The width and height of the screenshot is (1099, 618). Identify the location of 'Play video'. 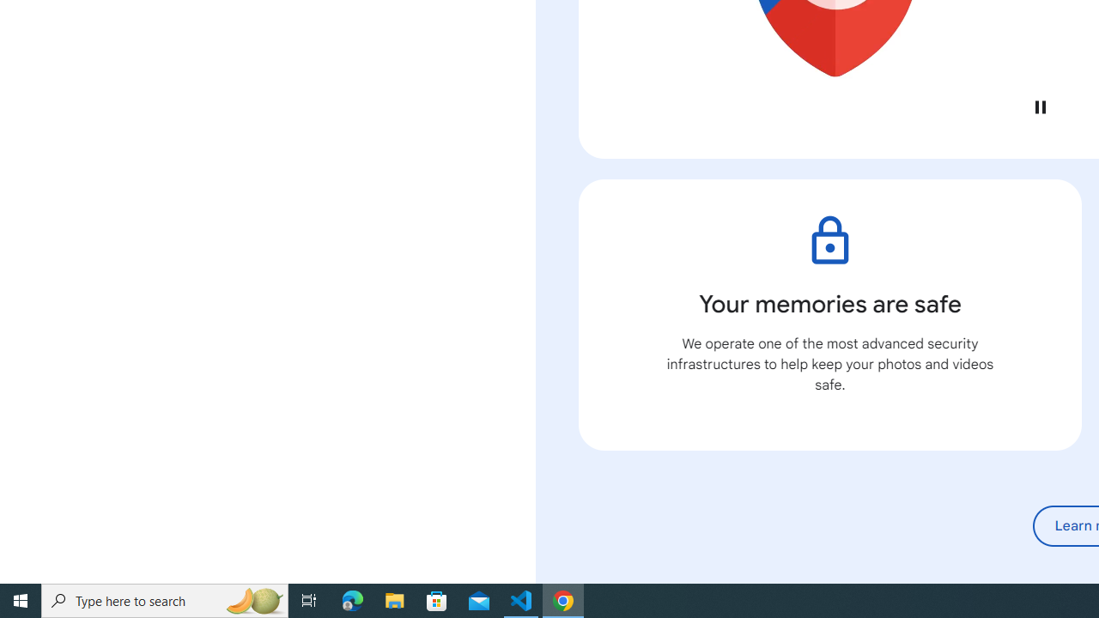
(1039, 106).